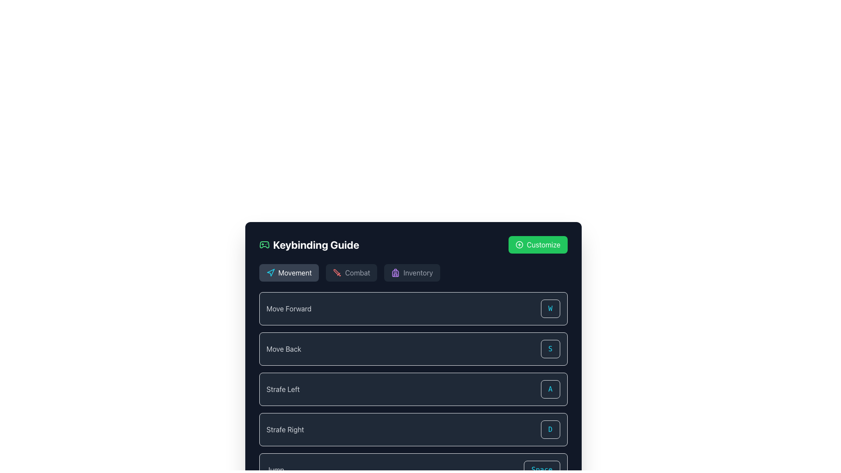 This screenshot has width=841, height=473. I want to click on the 'Inventory' button, which is the third button in a row of buttons labeled 'Movement', 'Combat', and 'Inventory', to observe the hover effect, so click(411, 272).